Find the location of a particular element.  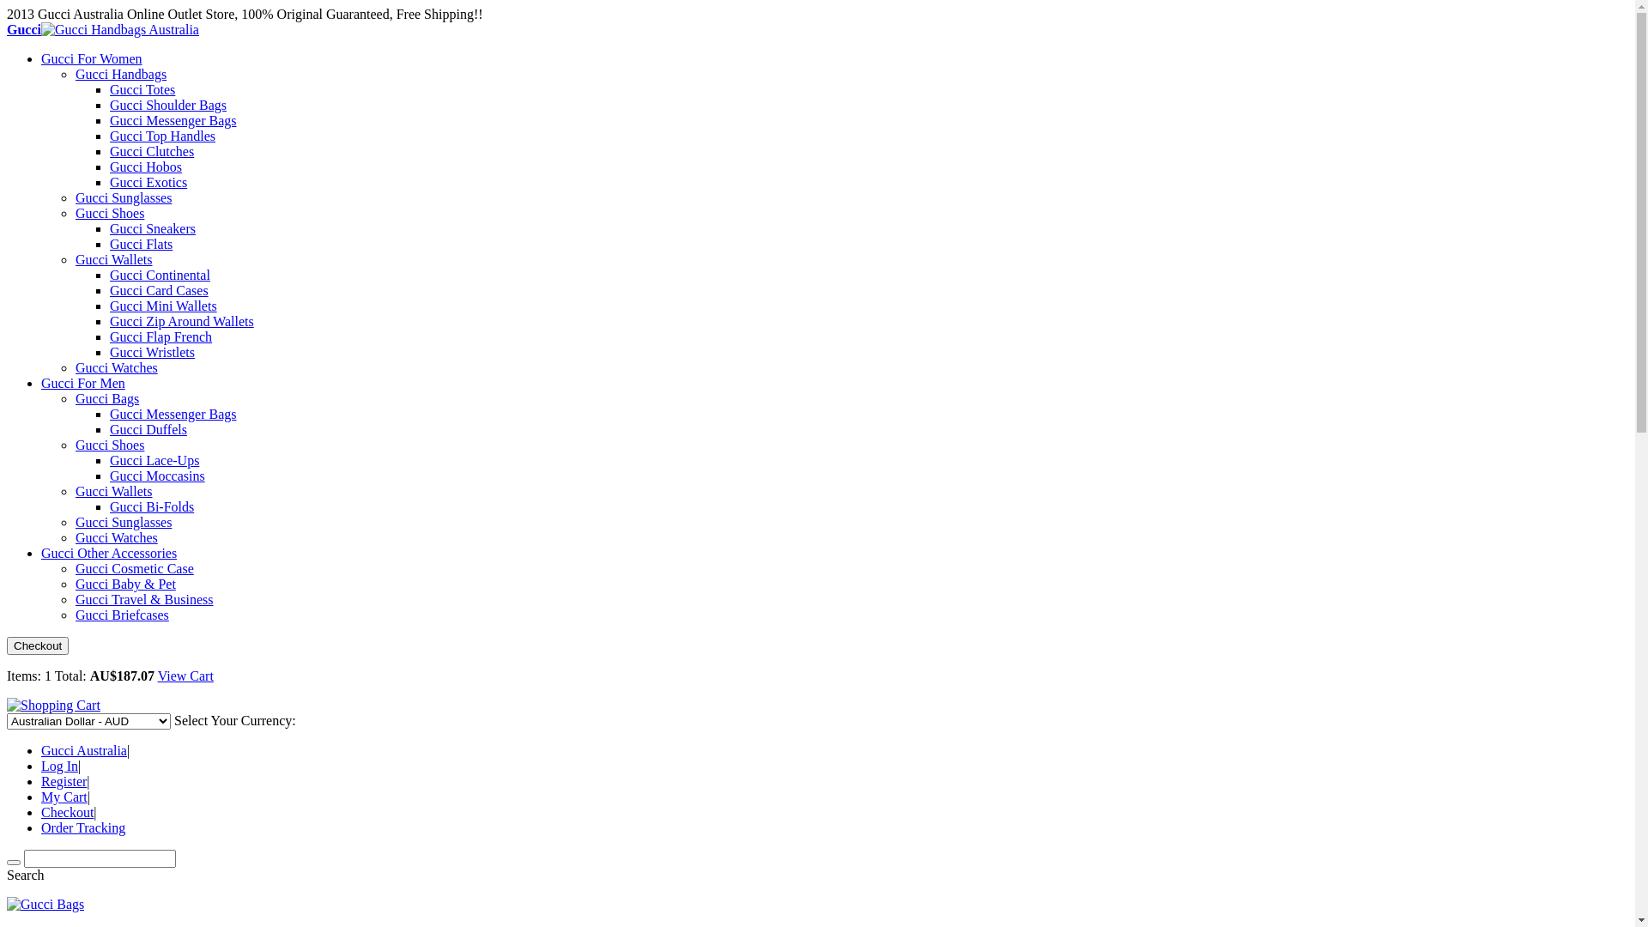

'Log In' is located at coordinates (41, 765).